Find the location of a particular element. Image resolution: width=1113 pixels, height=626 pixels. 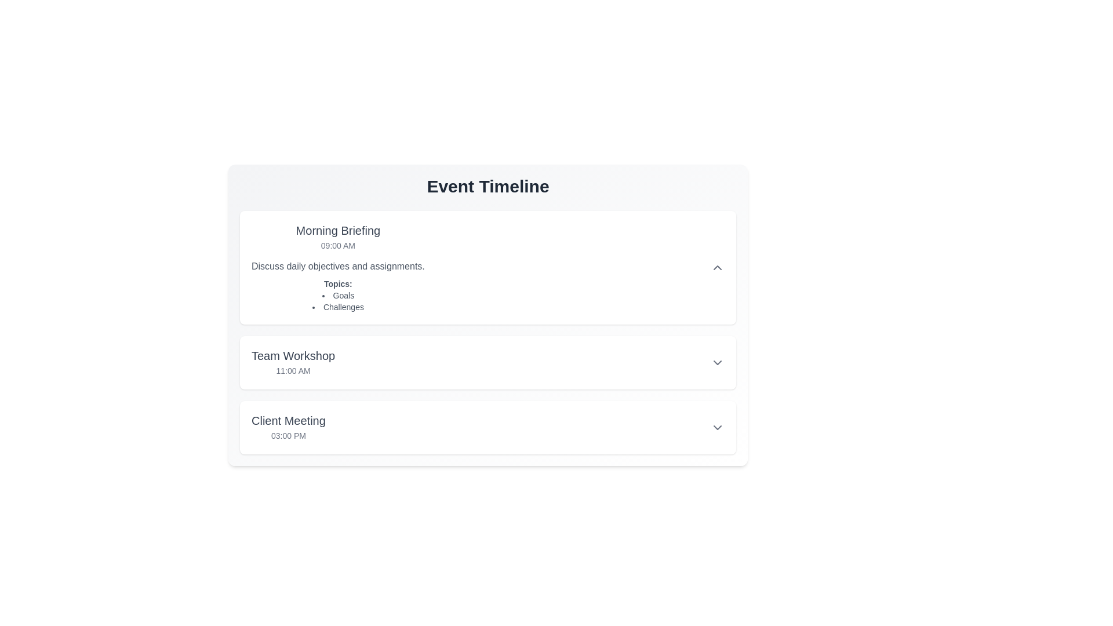

the gray downward-pointing chevron icon at the far right of the 'Client Meeting 03:00 PM' row is located at coordinates (717, 427).